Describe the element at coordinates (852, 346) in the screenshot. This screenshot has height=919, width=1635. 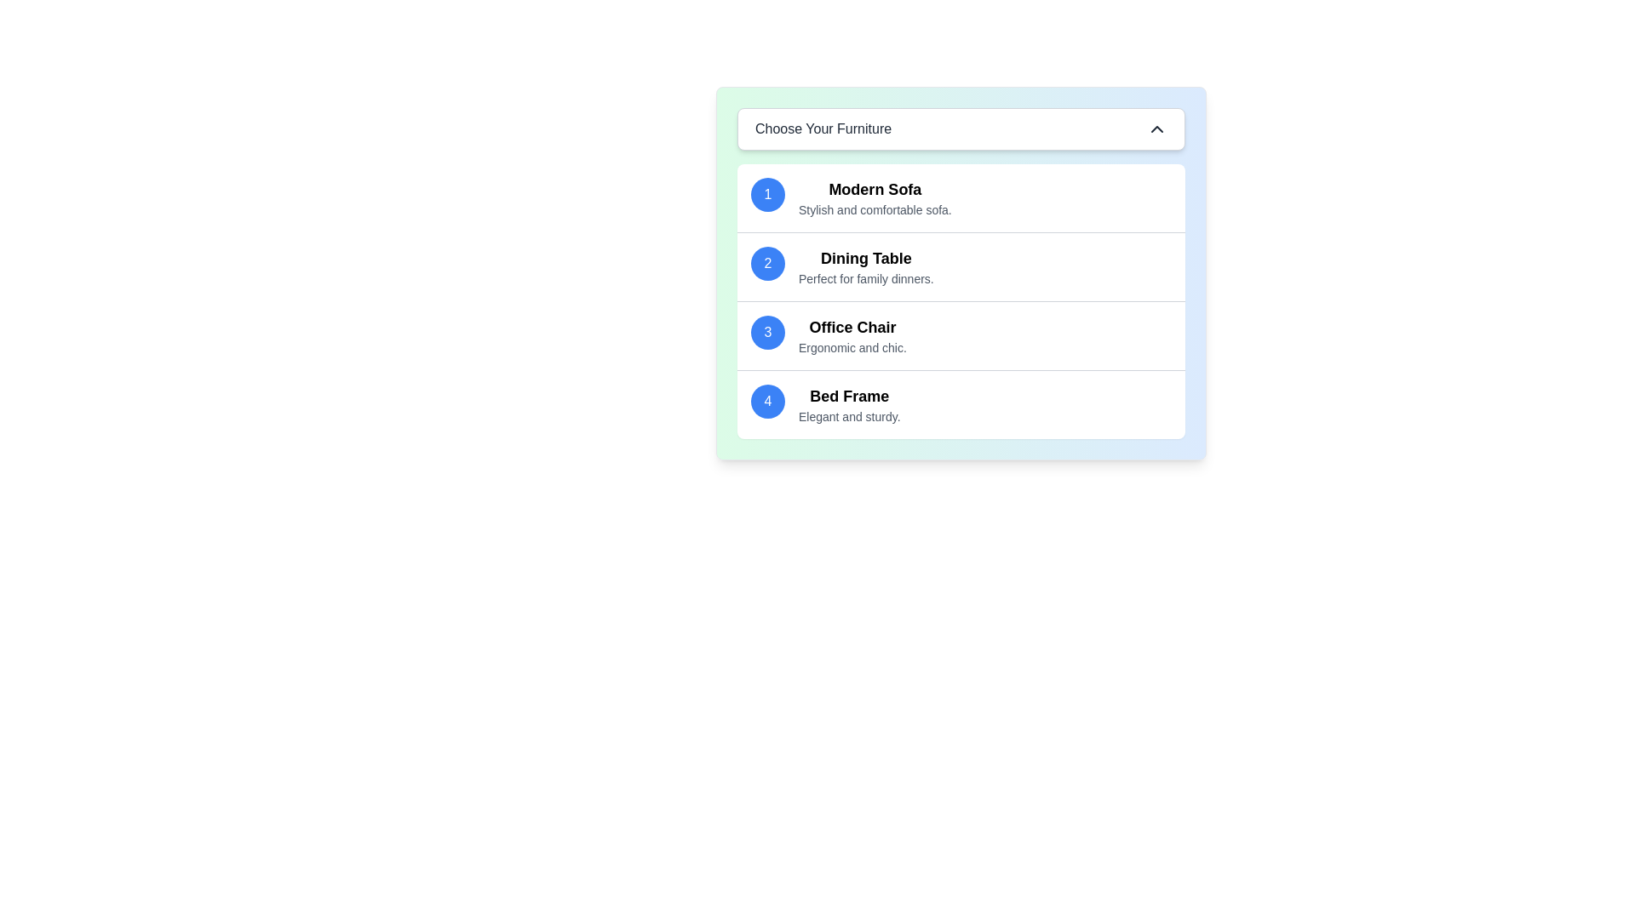
I see `the text label that reads 'Ergonomic and chic.' located below the heading 'Office Chair' within the third list item of furniture options` at that location.